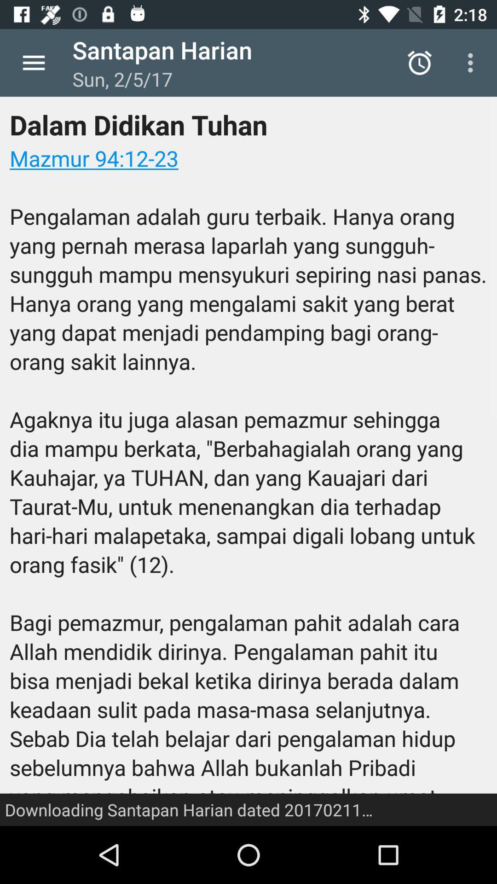  Describe the element at coordinates (248, 461) in the screenshot. I see `dalam didikan tuhan item` at that location.